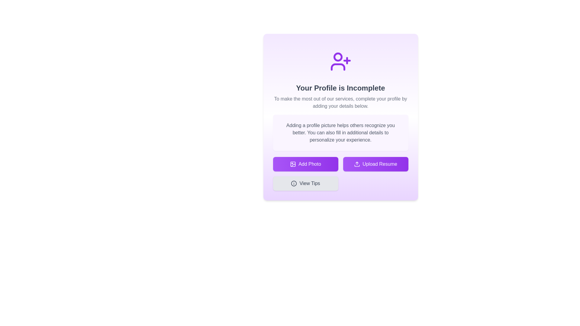 The width and height of the screenshot is (580, 326). What do you see at coordinates (337, 67) in the screenshot?
I see `the decorative vector graphic representing a user's body in the profile icon symbol, located at the center of the profile card layout` at bounding box center [337, 67].